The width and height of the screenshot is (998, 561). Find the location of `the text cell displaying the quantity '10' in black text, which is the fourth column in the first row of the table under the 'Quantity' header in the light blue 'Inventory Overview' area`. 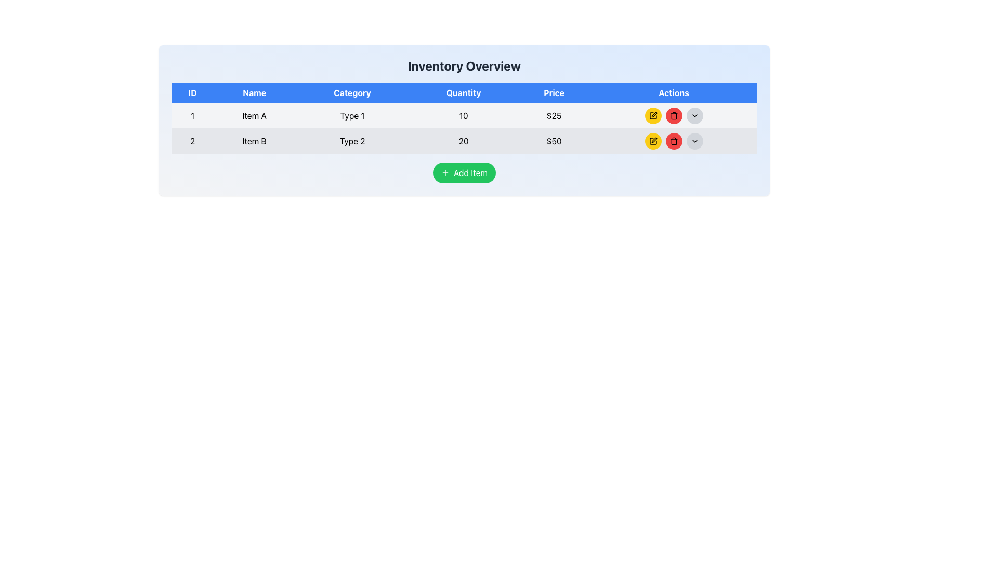

the text cell displaying the quantity '10' in black text, which is the fourth column in the first row of the table under the 'Quantity' header in the light blue 'Inventory Overview' area is located at coordinates (463, 116).